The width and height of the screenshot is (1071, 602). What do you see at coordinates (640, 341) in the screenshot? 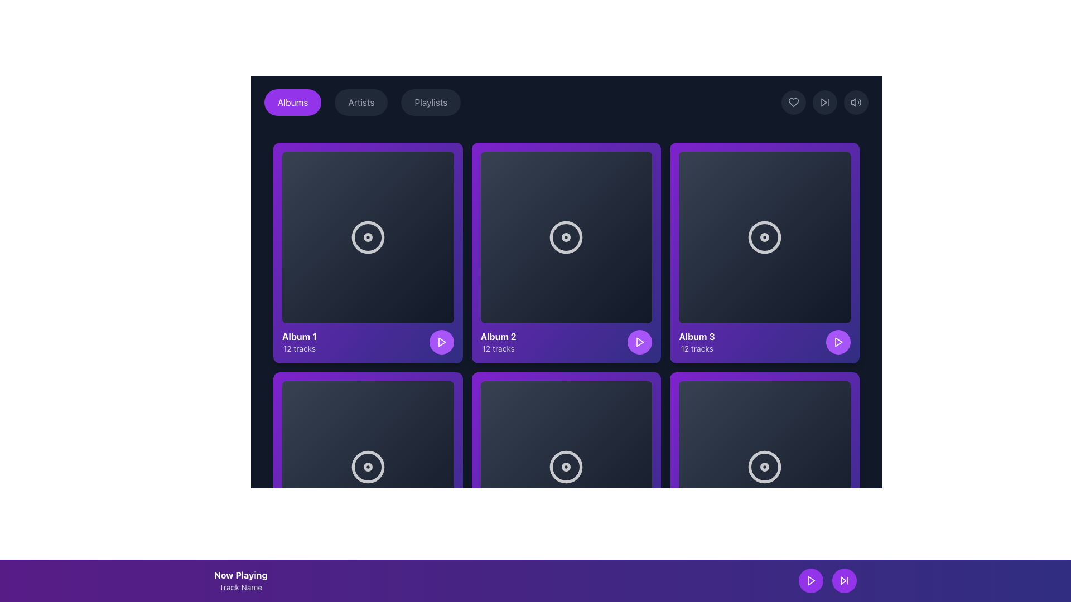
I see `the play button located in the 'Album 2' section, positioned to the far right of the album card, directly below the album image` at bounding box center [640, 341].